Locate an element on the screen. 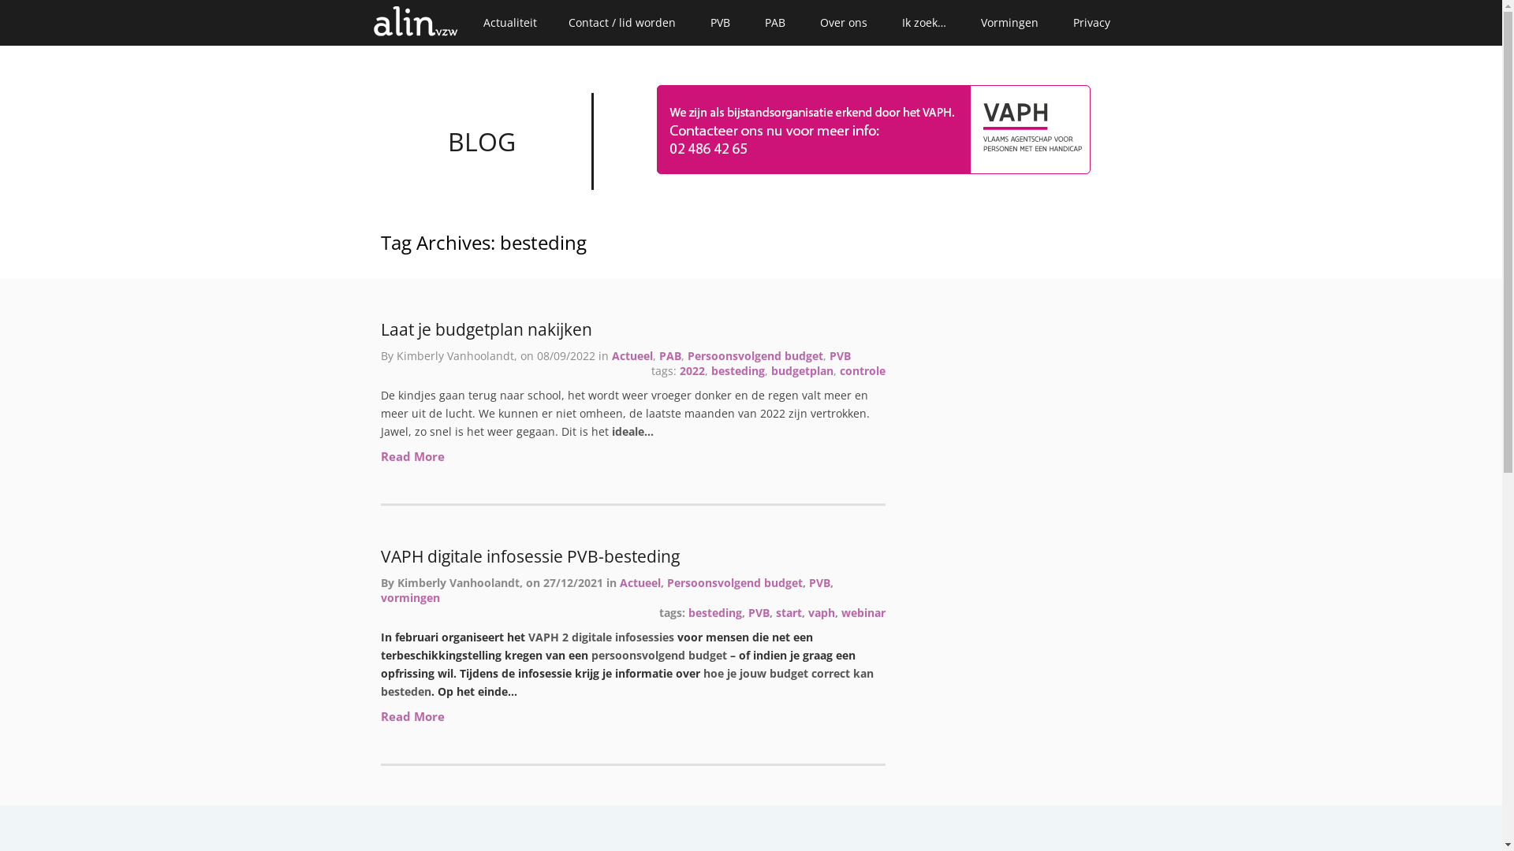  'Contact / lid worden' is located at coordinates (620, 23).